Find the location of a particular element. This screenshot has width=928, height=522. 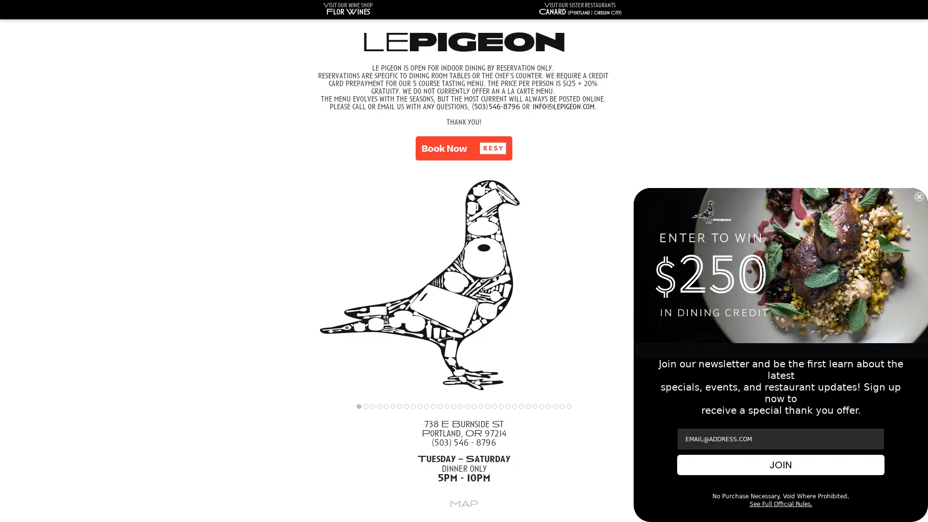

JOIN is located at coordinates (781, 464).